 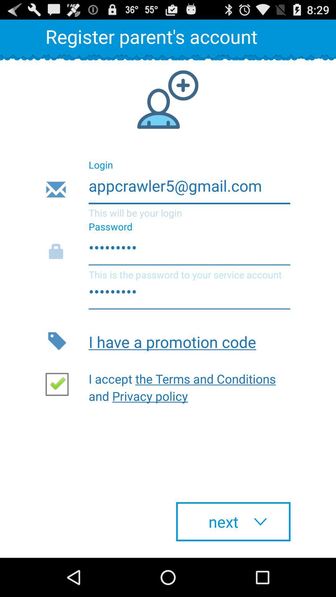 I want to click on the item to the left of i accept the icon, so click(x=59, y=383).